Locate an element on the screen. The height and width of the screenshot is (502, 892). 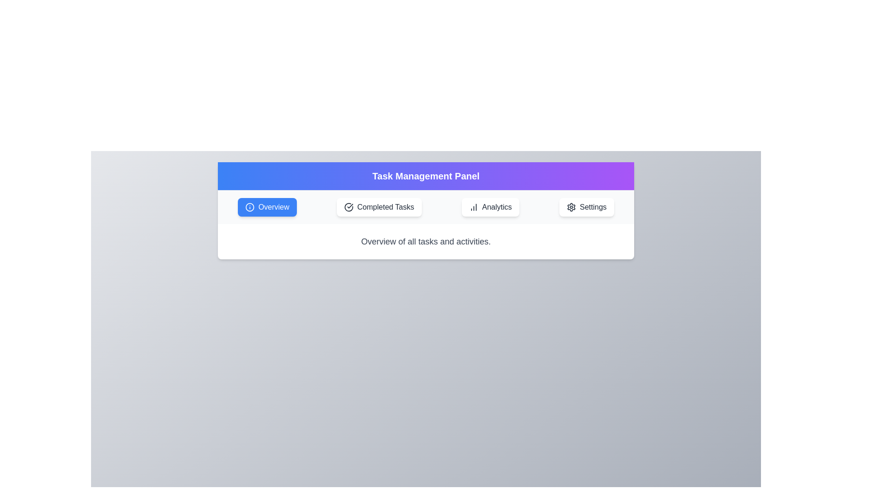
the 'Completed Tasks' button which contains the circular checkmark icon indicating a completed task or successful action is located at coordinates (348, 207).